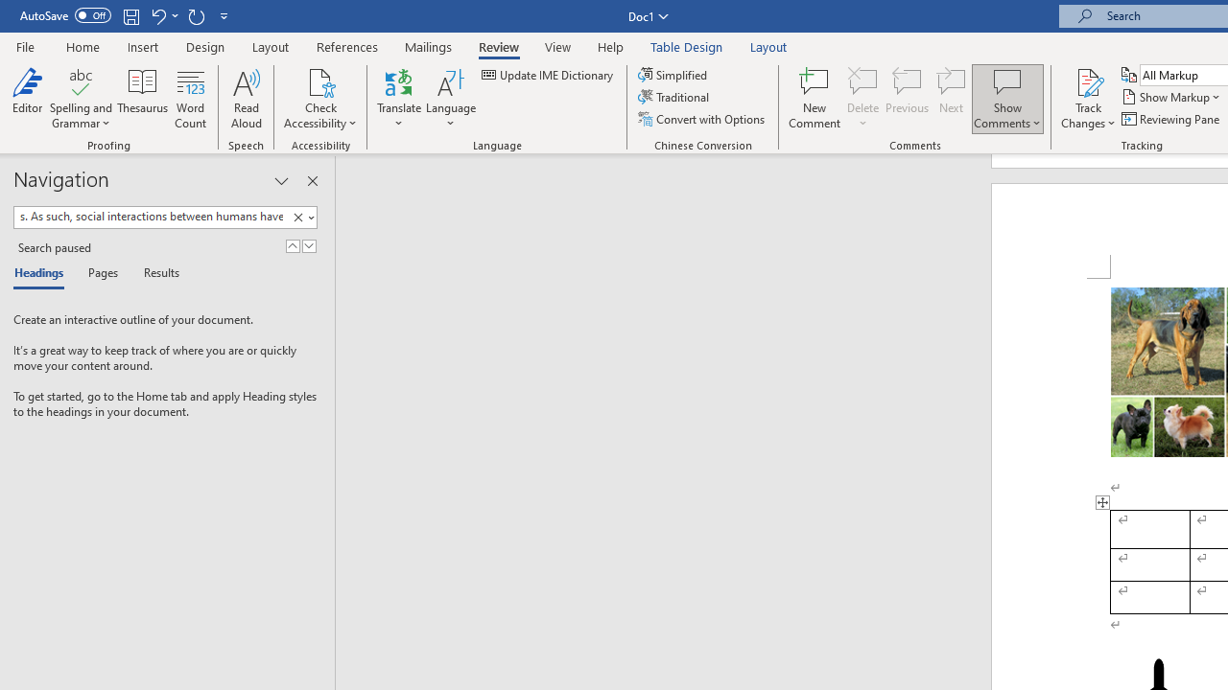 This screenshot has height=690, width=1228. I want to click on 'Read Aloud', so click(245, 99).